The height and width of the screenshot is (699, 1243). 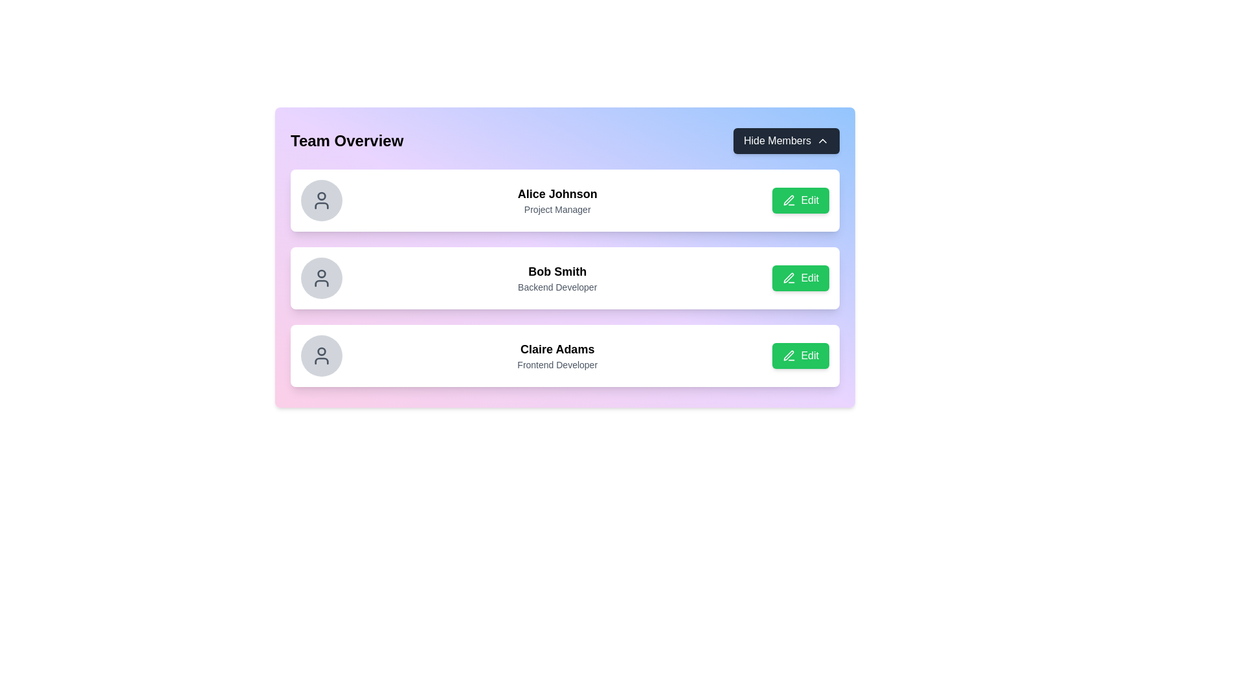 I want to click on the text label displaying the role or job title associated with 'Bob Smith', located below the name and centrally aligned within the second item of the list, so click(x=557, y=286).